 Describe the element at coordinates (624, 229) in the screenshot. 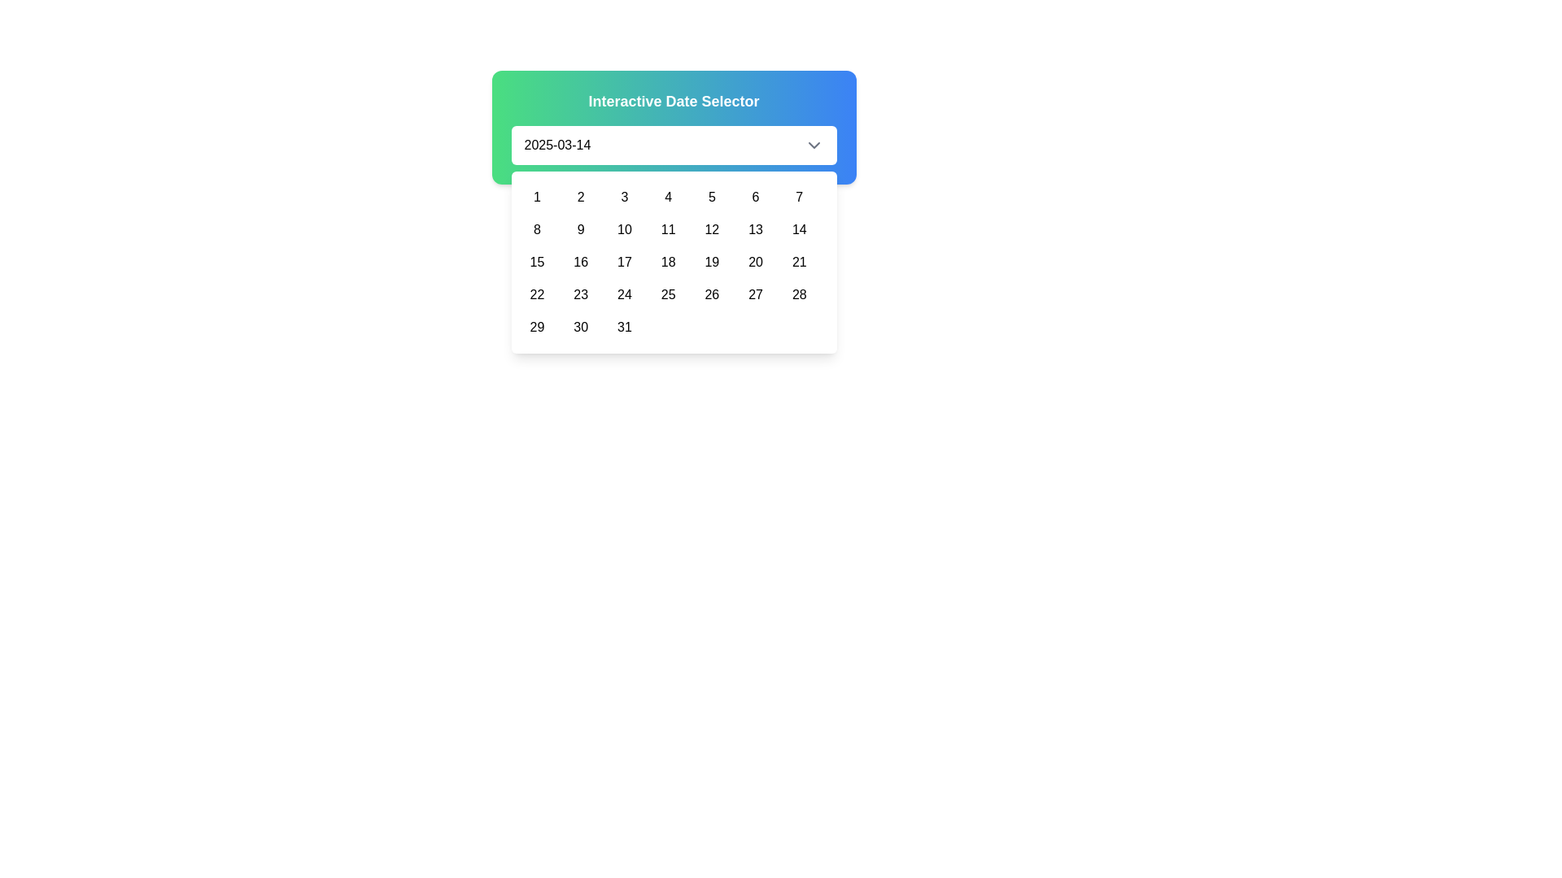

I see `the button that selects the 10th day of the month in the calendar dropdown to trigger a visual effect` at that location.